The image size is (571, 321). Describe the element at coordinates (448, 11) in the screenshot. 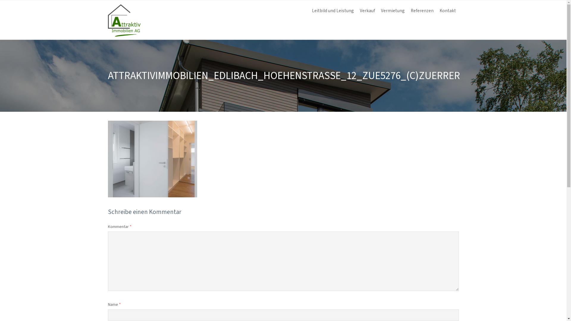

I see `'Kontakt'` at that location.